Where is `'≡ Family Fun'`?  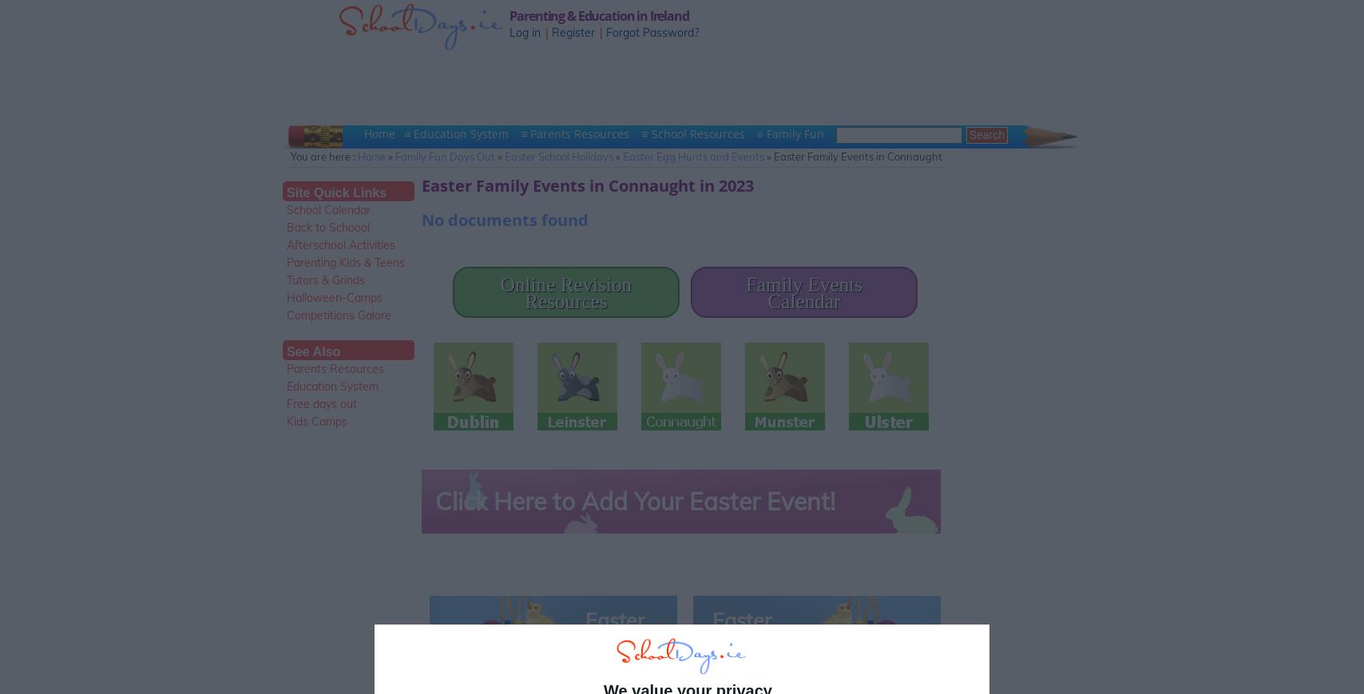 '≡ Family Fun' is located at coordinates (755, 133).